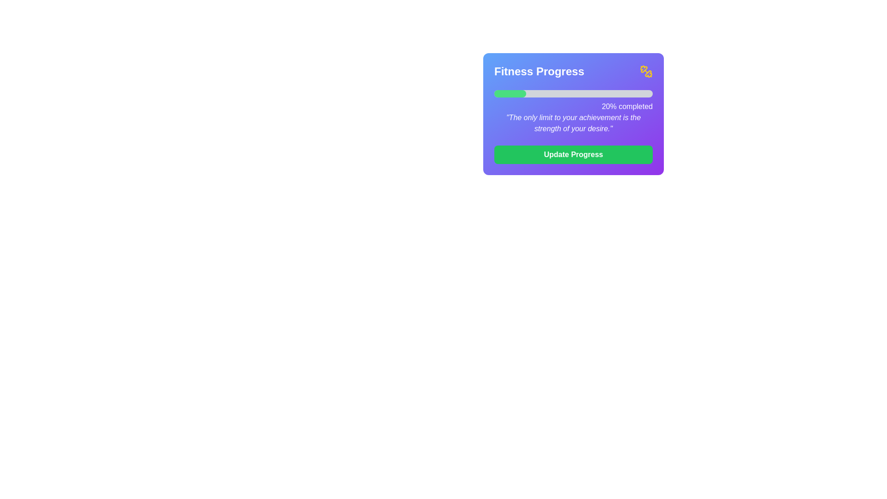 The width and height of the screenshot is (887, 499). What do you see at coordinates (573, 154) in the screenshot?
I see `the interactive button at the bottom center of the progress card` at bounding box center [573, 154].